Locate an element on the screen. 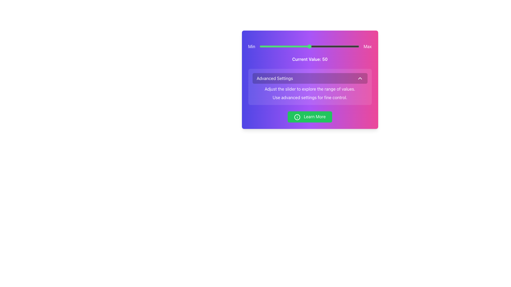 Image resolution: width=511 pixels, height=287 pixels. the 'Advanced Settings' collapsible section, which is a gradient-colored box with a purple background and rounded corners is located at coordinates (310, 79).